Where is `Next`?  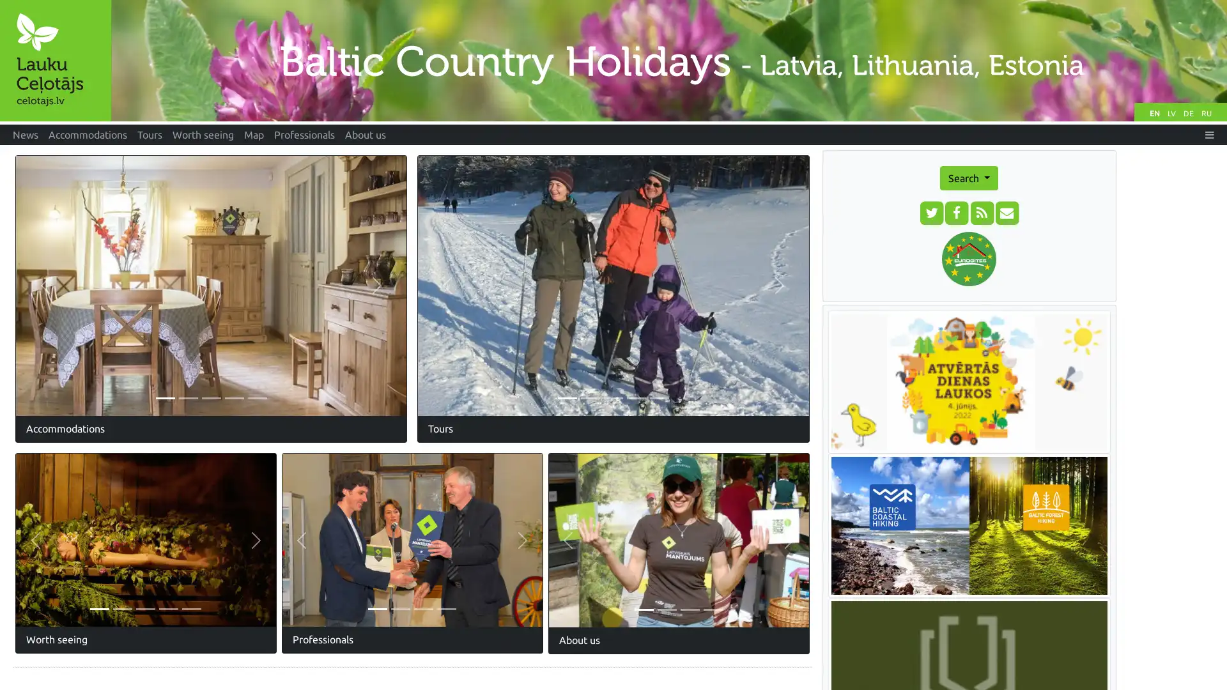 Next is located at coordinates (256, 540).